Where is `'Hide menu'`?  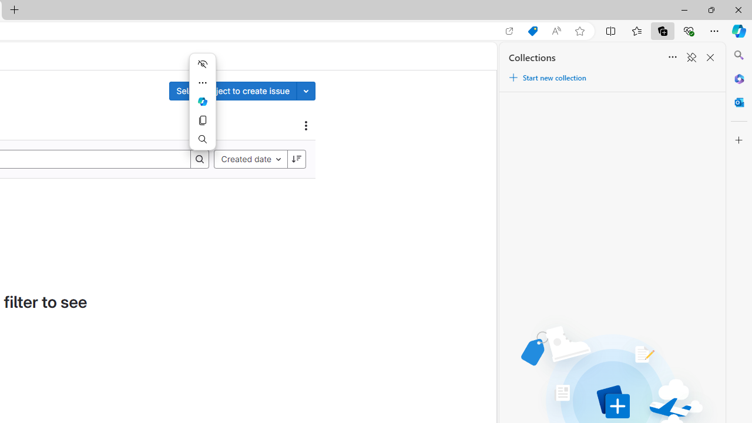 'Hide menu' is located at coordinates (202, 64).